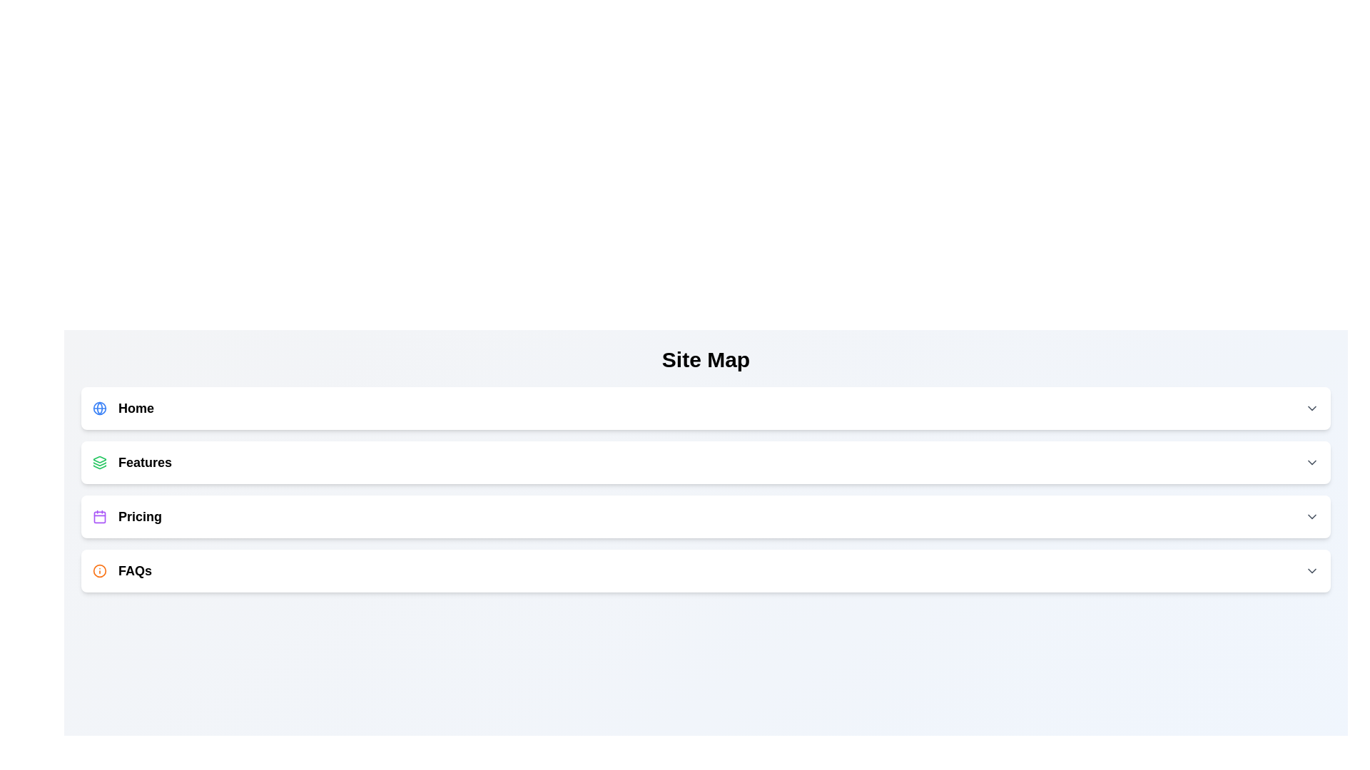 The image size is (1370, 770). What do you see at coordinates (123, 409) in the screenshot?
I see `the 'Home' label with the accompanying icon, which is the first item in the vertically stacked list of 'Features,' 'Pricing,' and 'FAQs.'` at bounding box center [123, 409].